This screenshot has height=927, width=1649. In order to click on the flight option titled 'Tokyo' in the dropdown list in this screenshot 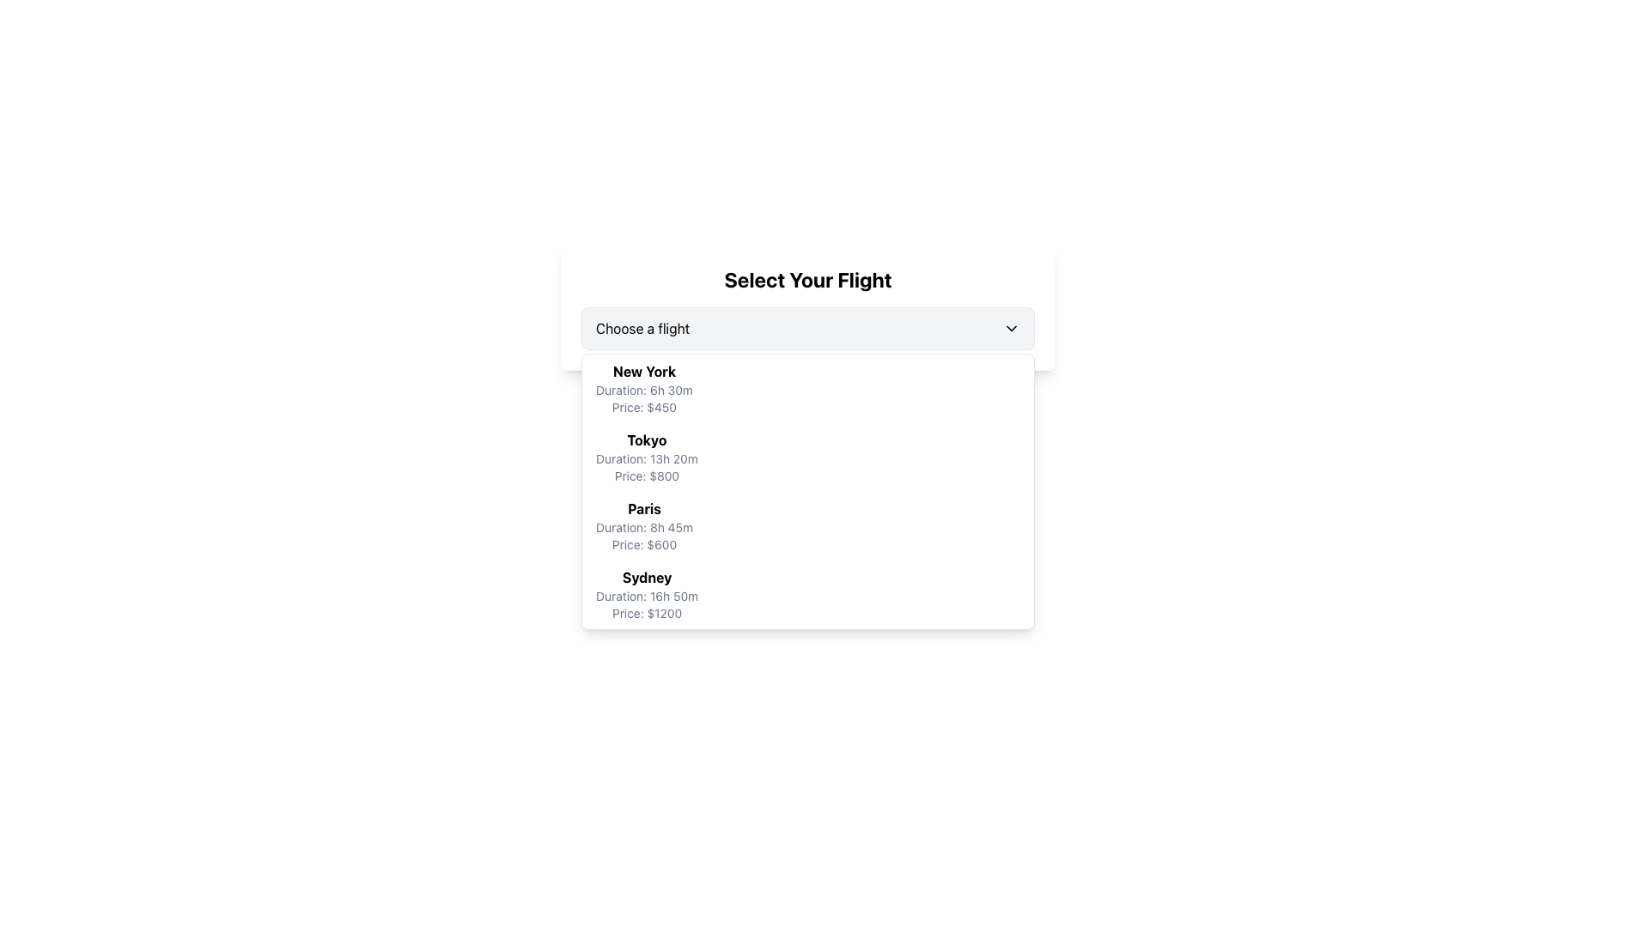, I will do `click(806, 456)`.